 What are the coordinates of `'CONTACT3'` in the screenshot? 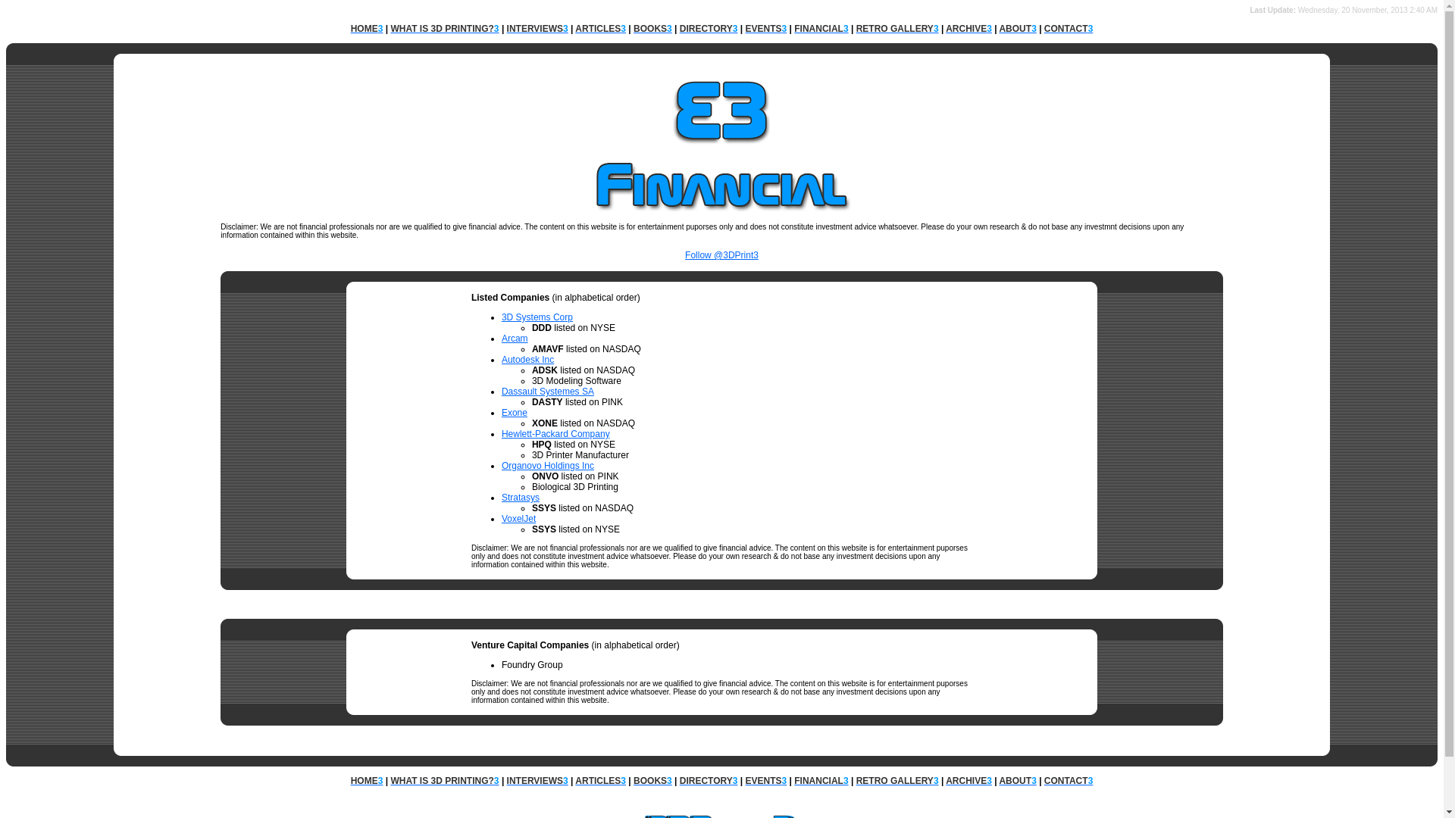 It's located at (1043, 780).